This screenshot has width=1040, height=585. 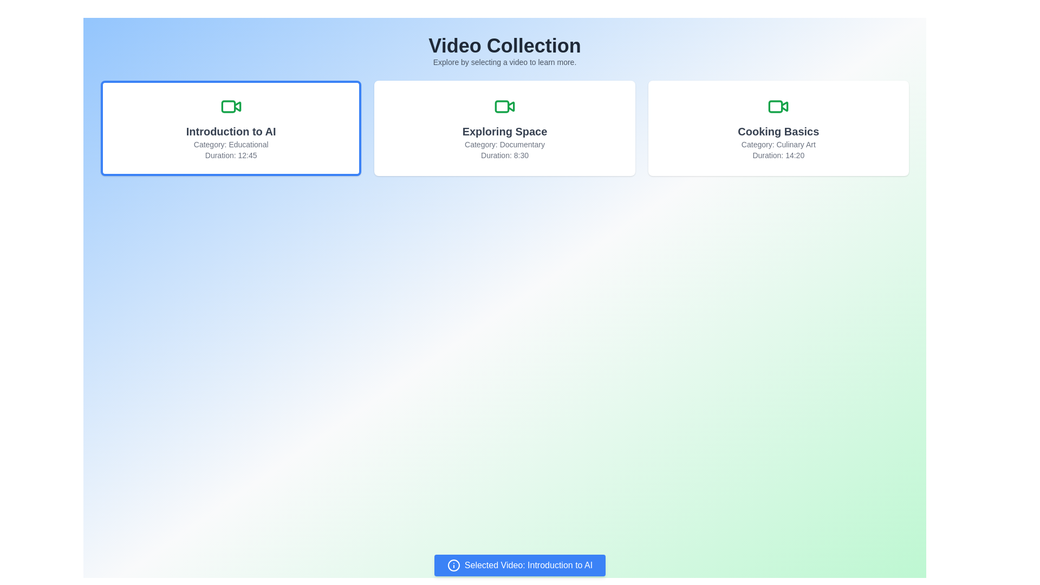 What do you see at coordinates (230, 131) in the screenshot?
I see `the Text element displaying 'Introduction to AI', which is styled with a bold font and gray coloring, located at the top of the first card in a row of three cards` at bounding box center [230, 131].